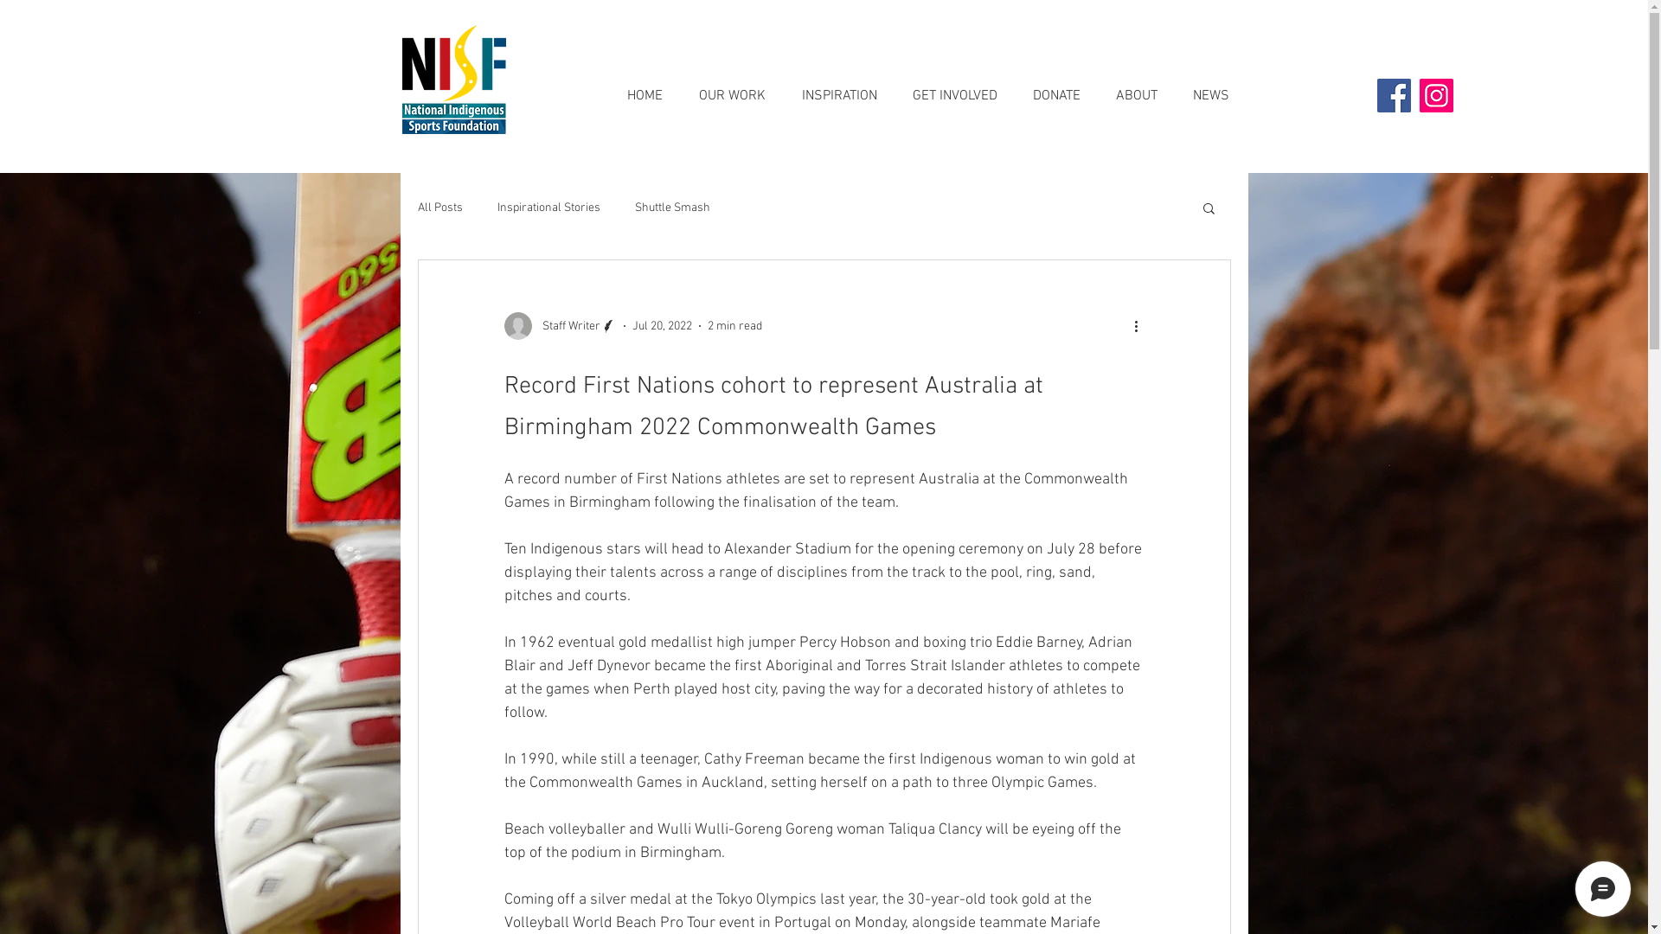 This screenshot has width=1661, height=934. I want to click on 'Inspirational Stories', so click(496, 207).